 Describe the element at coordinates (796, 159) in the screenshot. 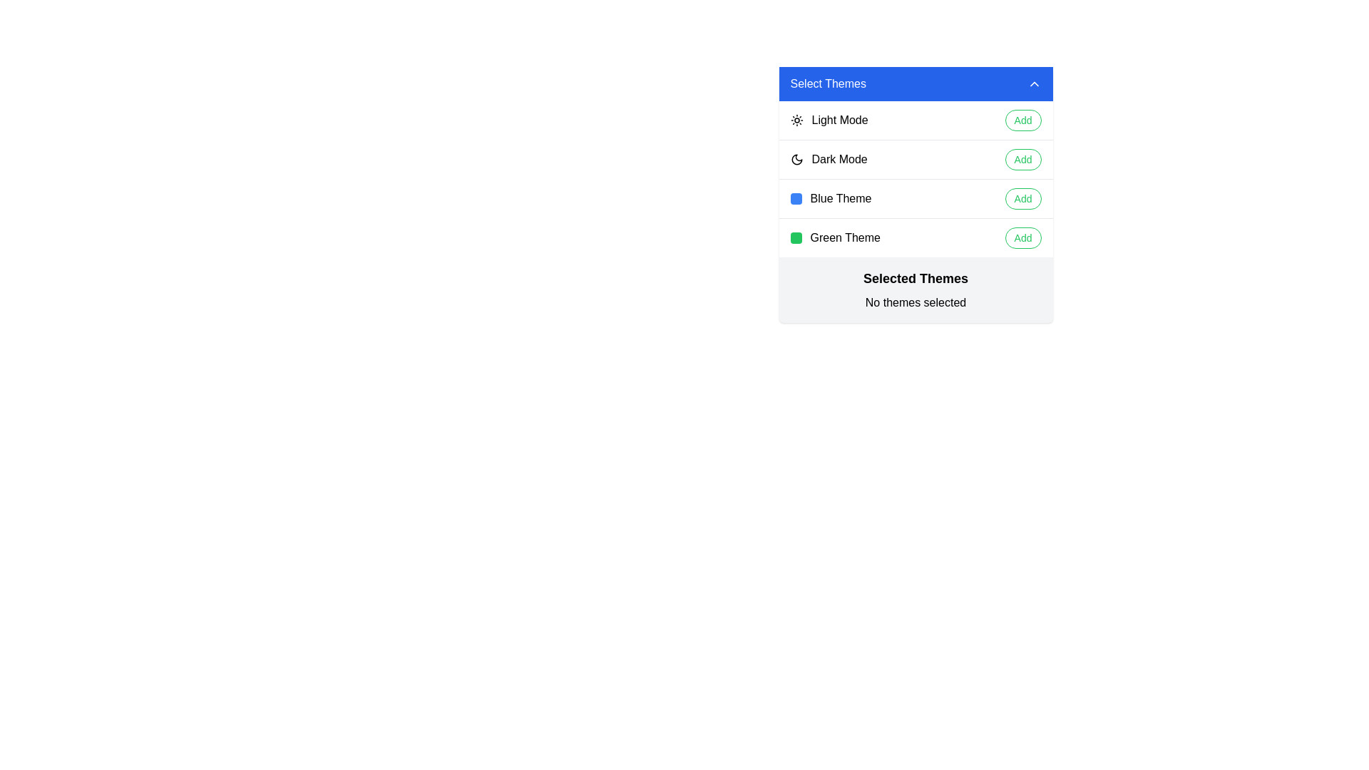

I see `the crescent moon icon representing the dark mode theme, located beside the 'Dark Mode' text in the 'Select Themes' menu` at that location.